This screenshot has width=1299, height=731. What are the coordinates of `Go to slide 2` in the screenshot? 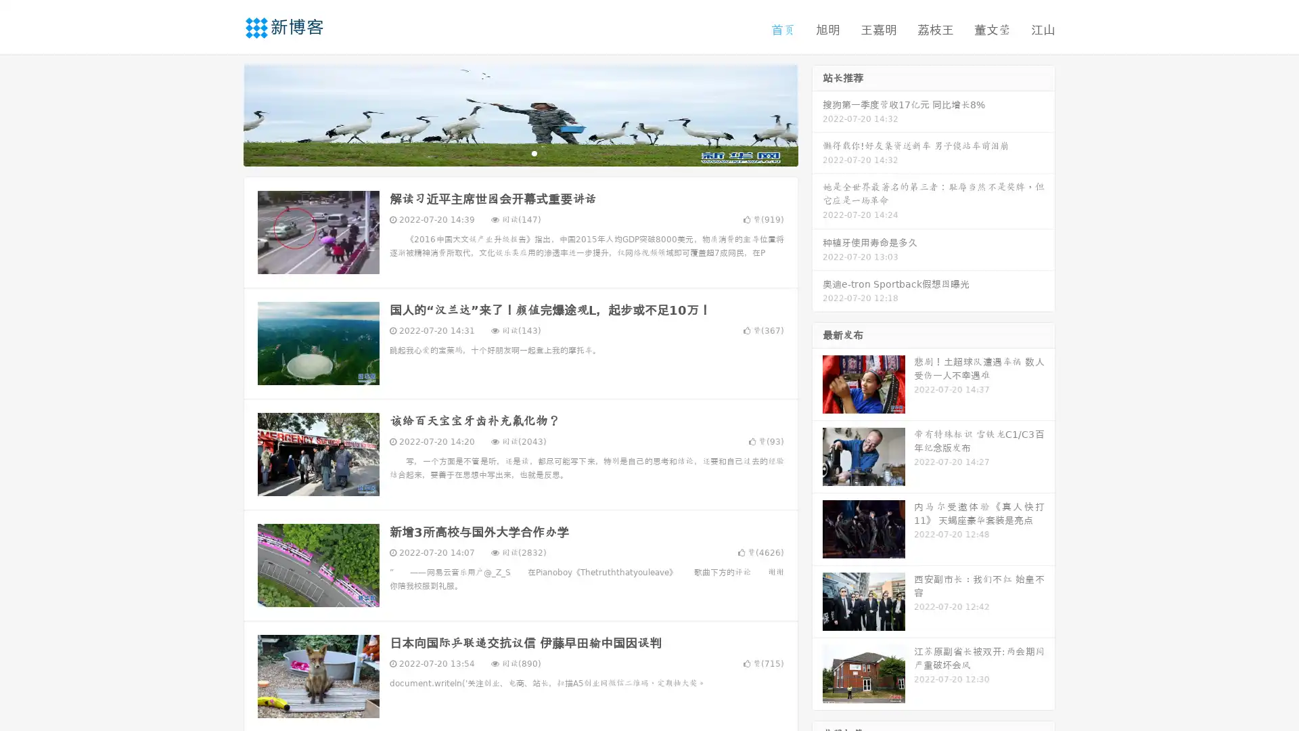 It's located at (520, 152).